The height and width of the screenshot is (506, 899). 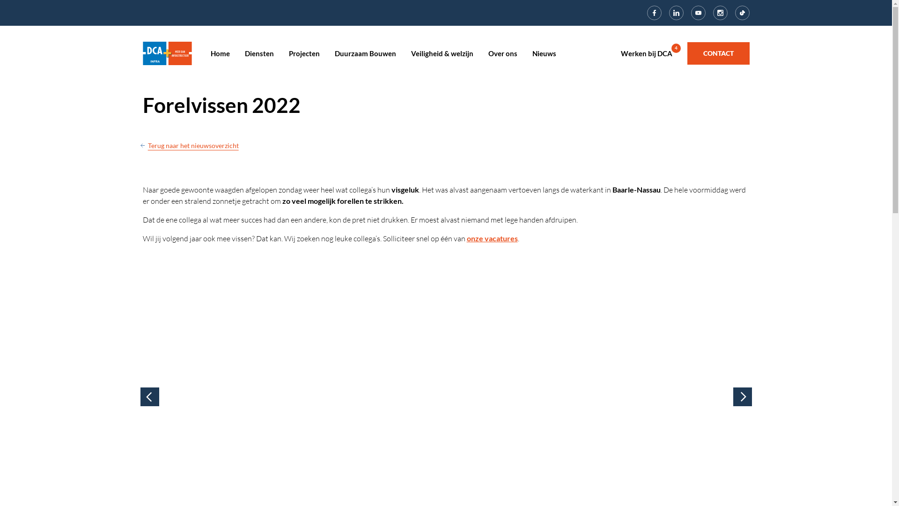 I want to click on 'Duurzaam Bouwen', so click(x=364, y=53).